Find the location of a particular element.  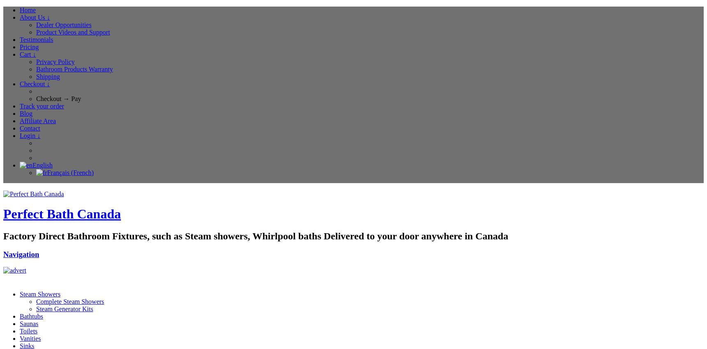

'Toilets' is located at coordinates (28, 330).